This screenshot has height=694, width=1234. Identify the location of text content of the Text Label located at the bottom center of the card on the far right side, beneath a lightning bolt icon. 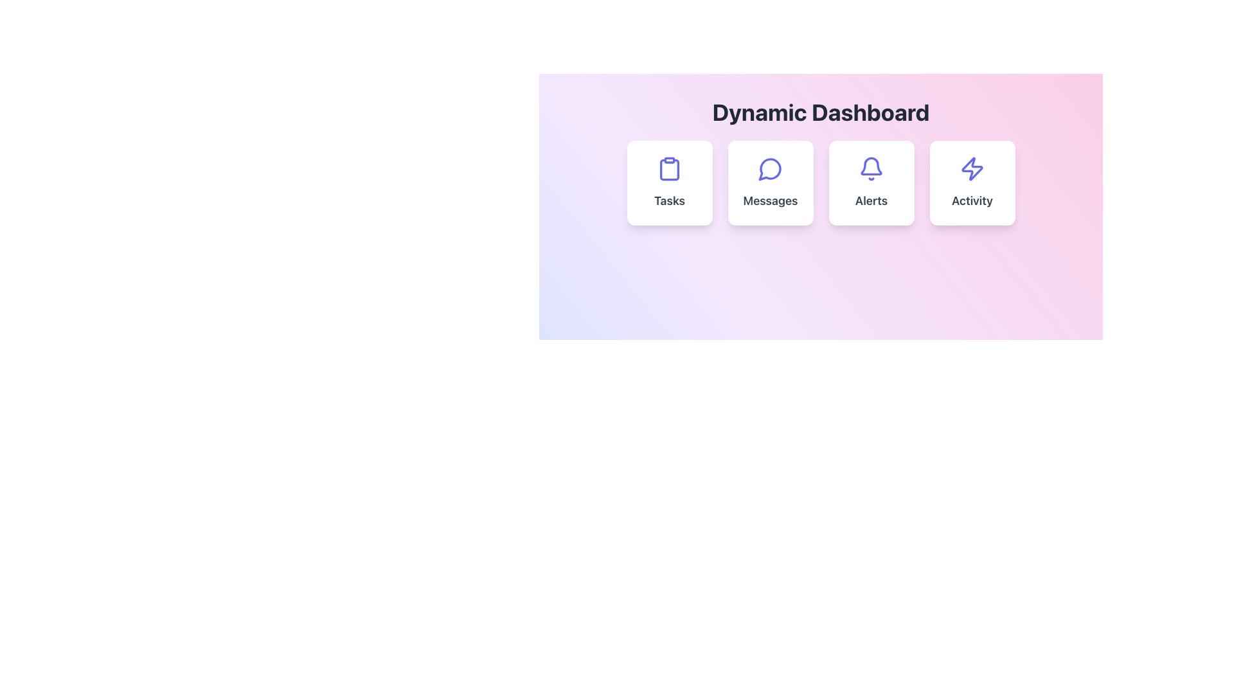
(972, 200).